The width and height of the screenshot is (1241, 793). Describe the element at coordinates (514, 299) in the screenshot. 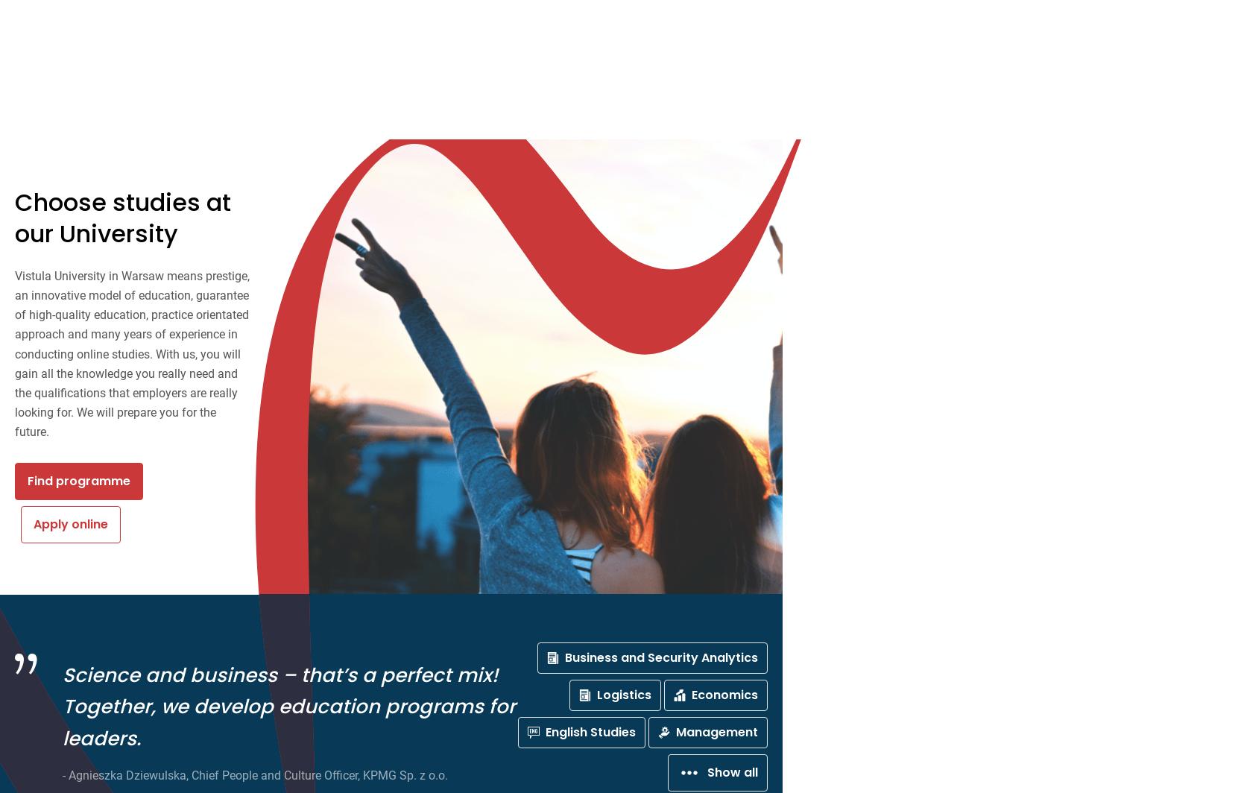

I see `'Studies'` at that location.